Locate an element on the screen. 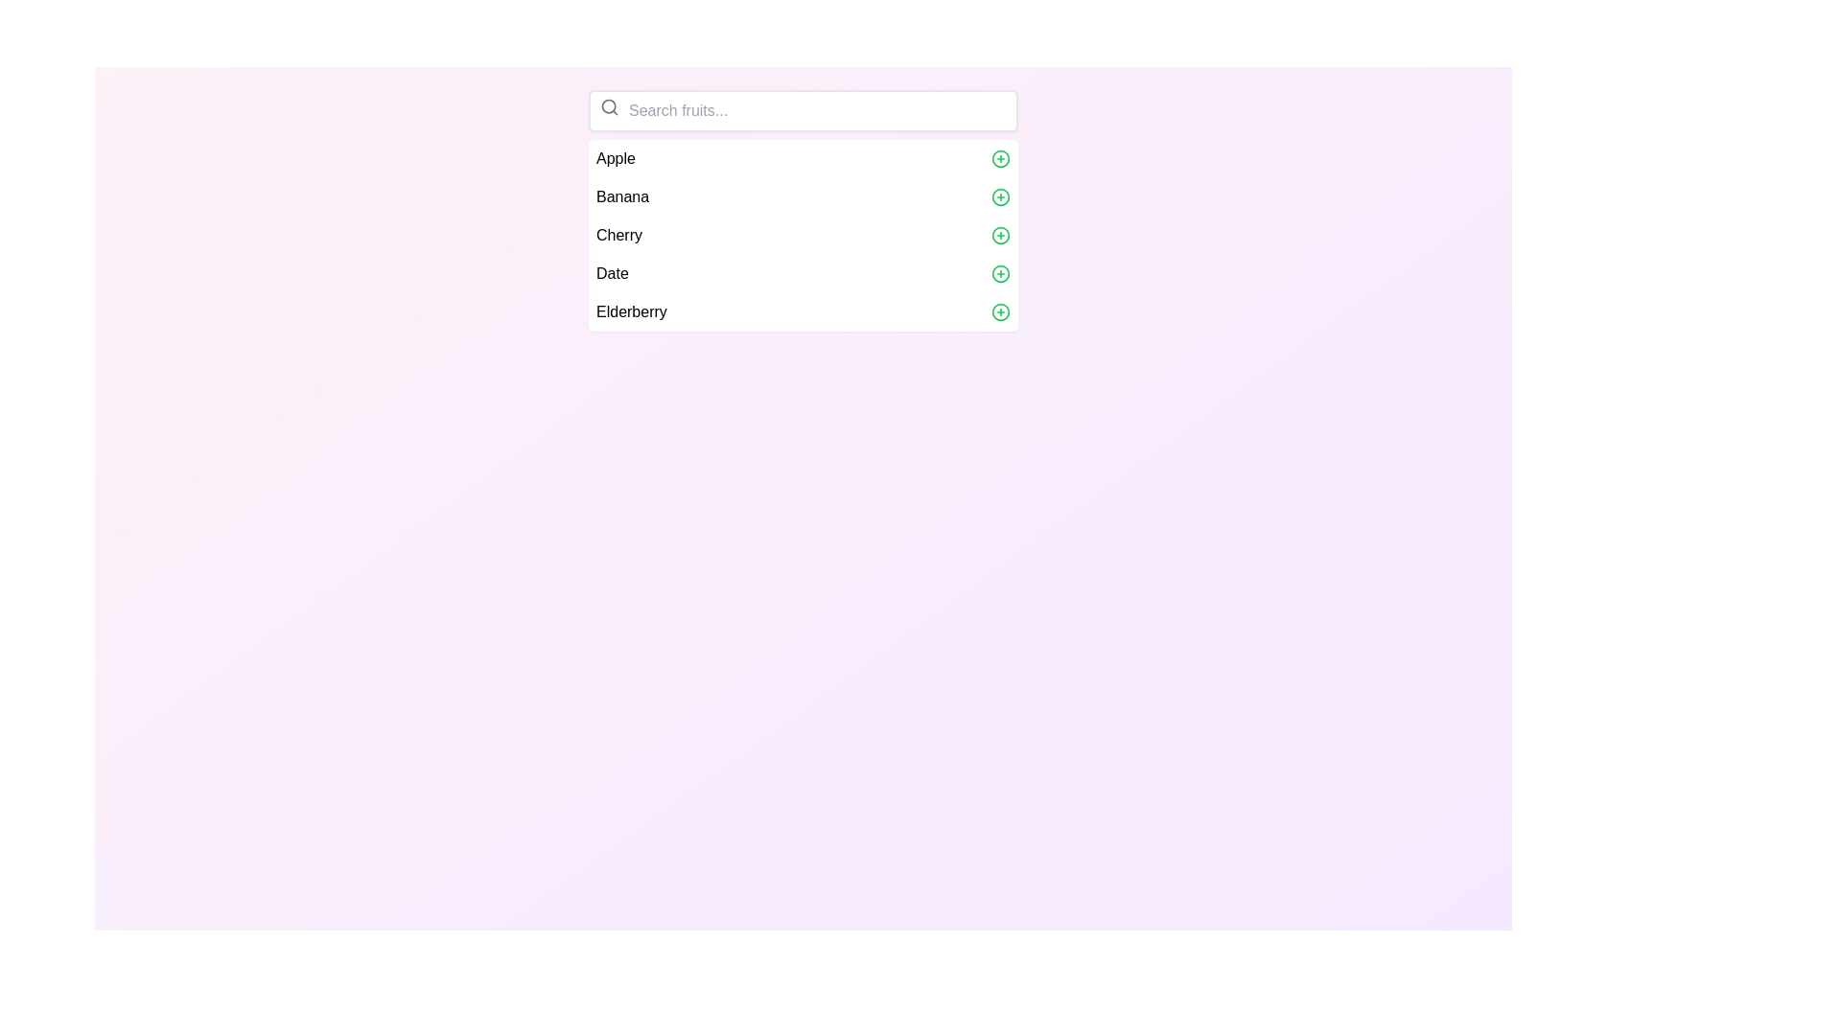 The height and width of the screenshot is (1035, 1841). the list item labeled 'Cherry' is located at coordinates (804, 235).